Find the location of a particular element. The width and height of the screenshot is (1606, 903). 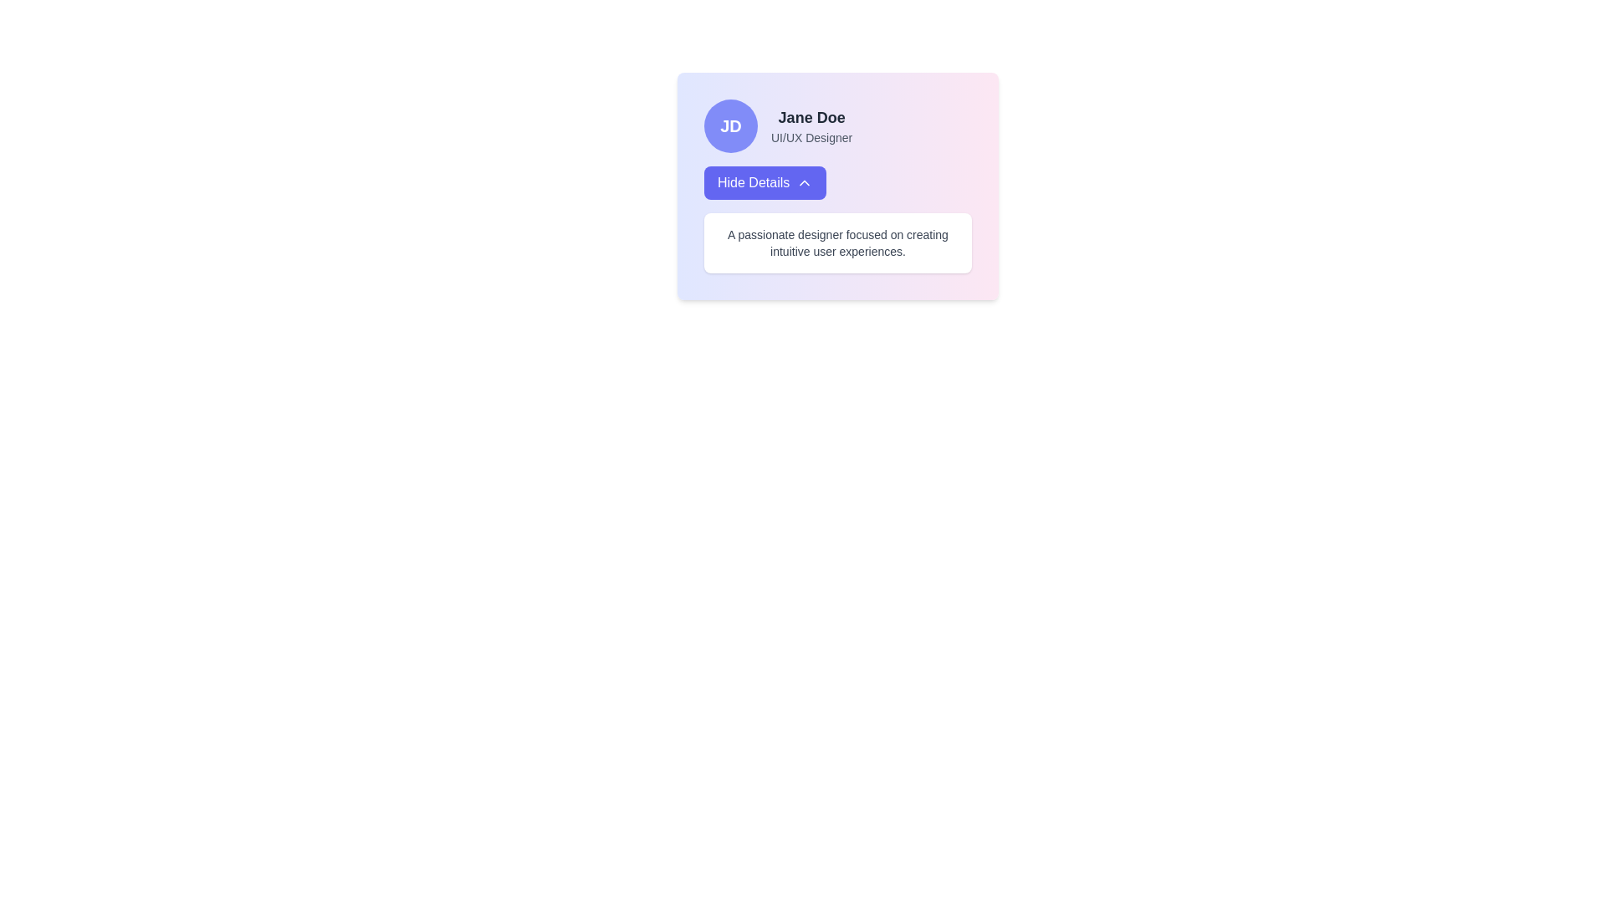

the chevron-shaped arrow icon located within the 'Hide Details' button, positioned to the right of the text label and vertically centered is located at coordinates (805, 183).